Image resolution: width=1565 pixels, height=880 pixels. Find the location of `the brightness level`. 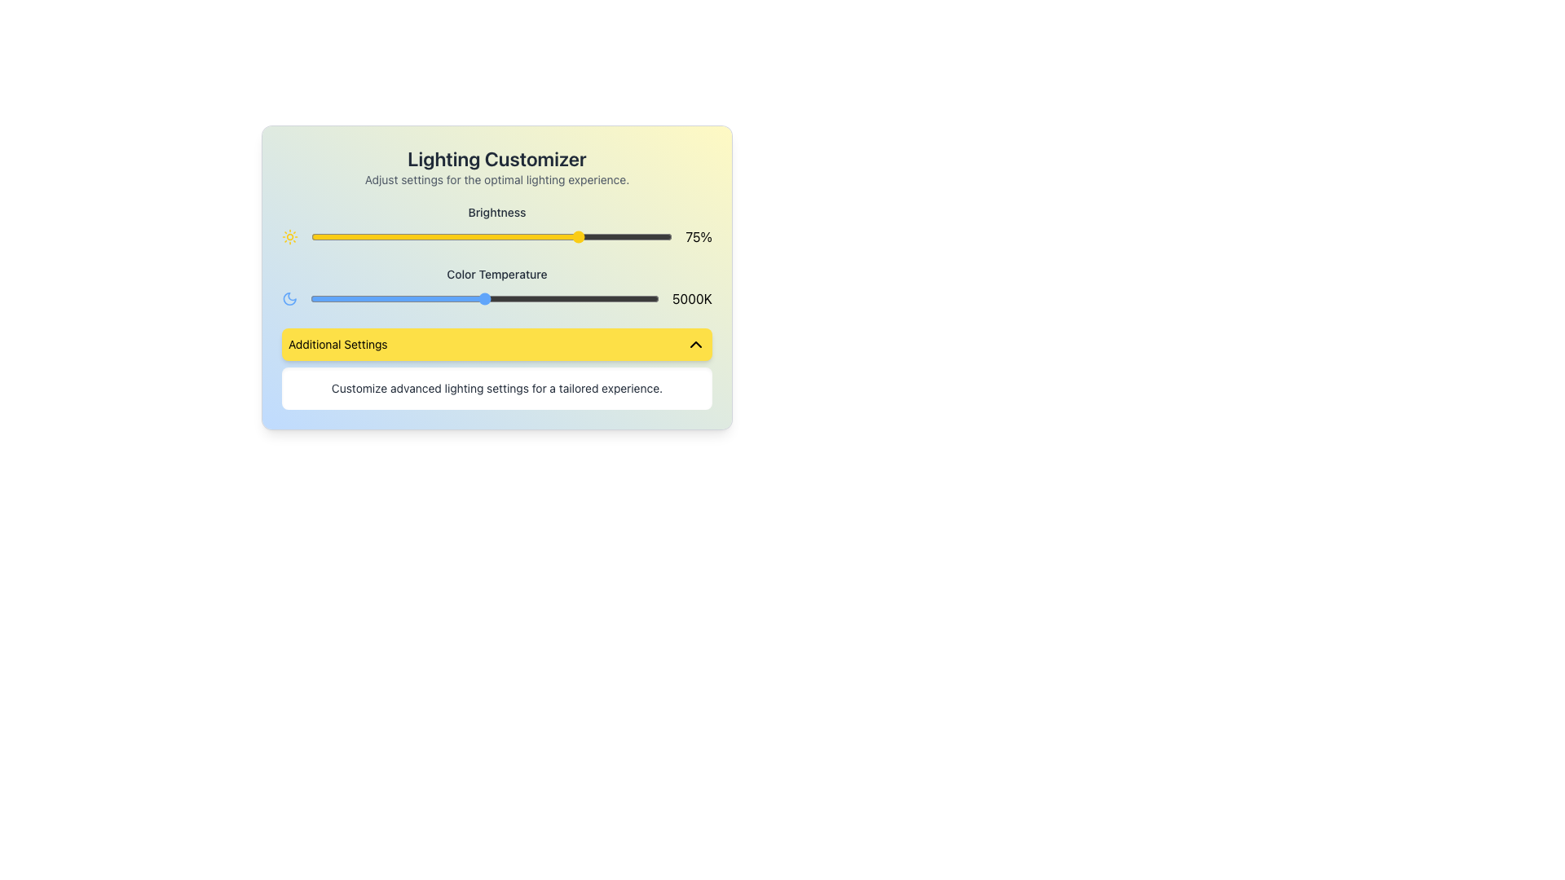

the brightness level is located at coordinates (473, 236).